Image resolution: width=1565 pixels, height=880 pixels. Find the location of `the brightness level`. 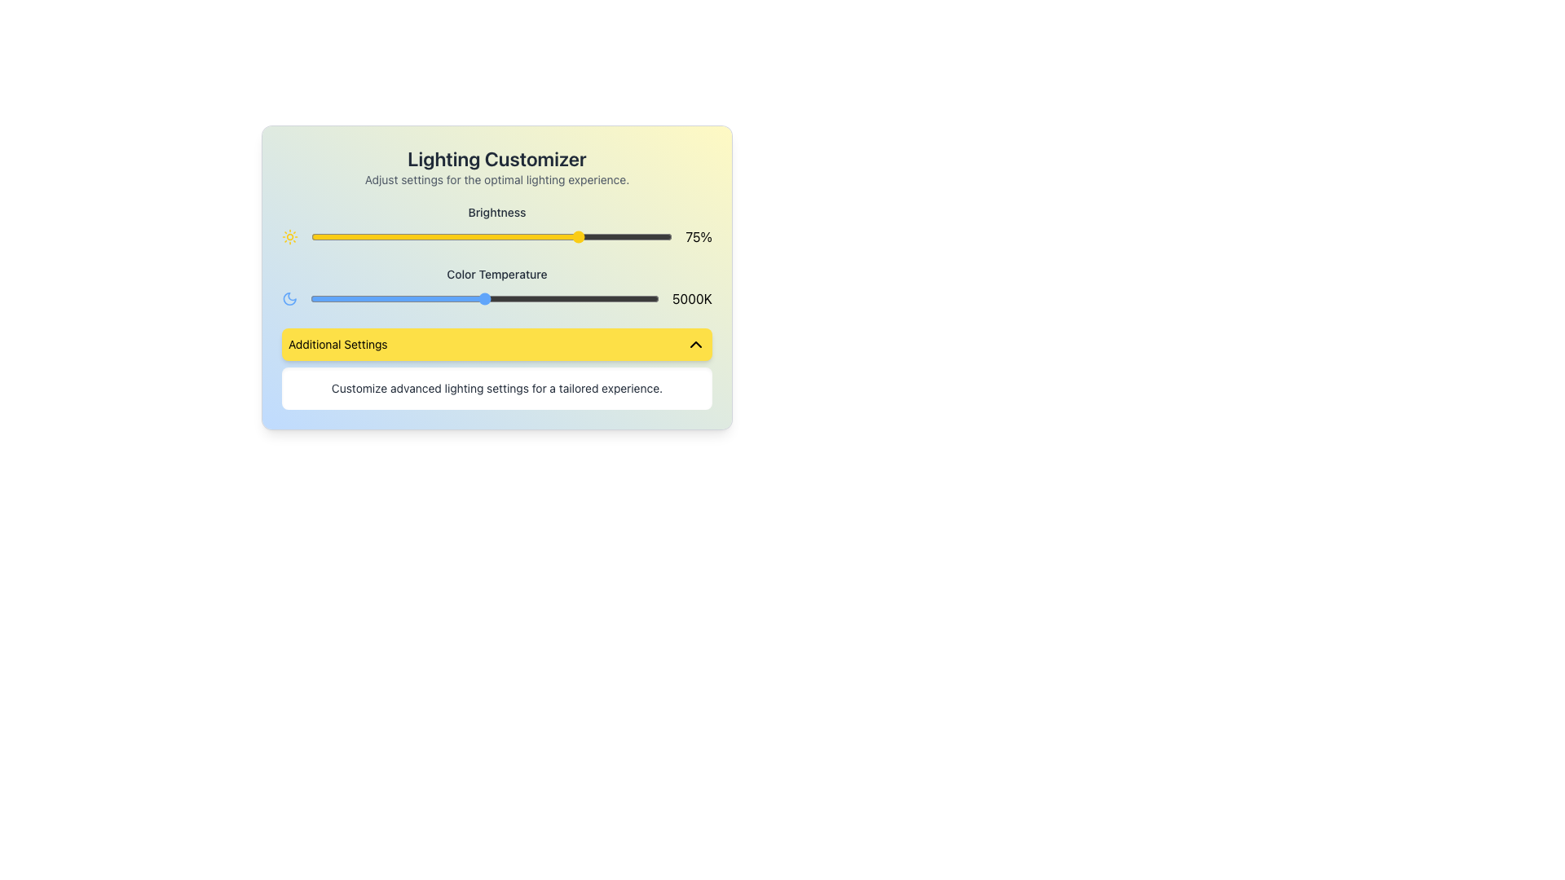

the brightness level is located at coordinates (473, 236).